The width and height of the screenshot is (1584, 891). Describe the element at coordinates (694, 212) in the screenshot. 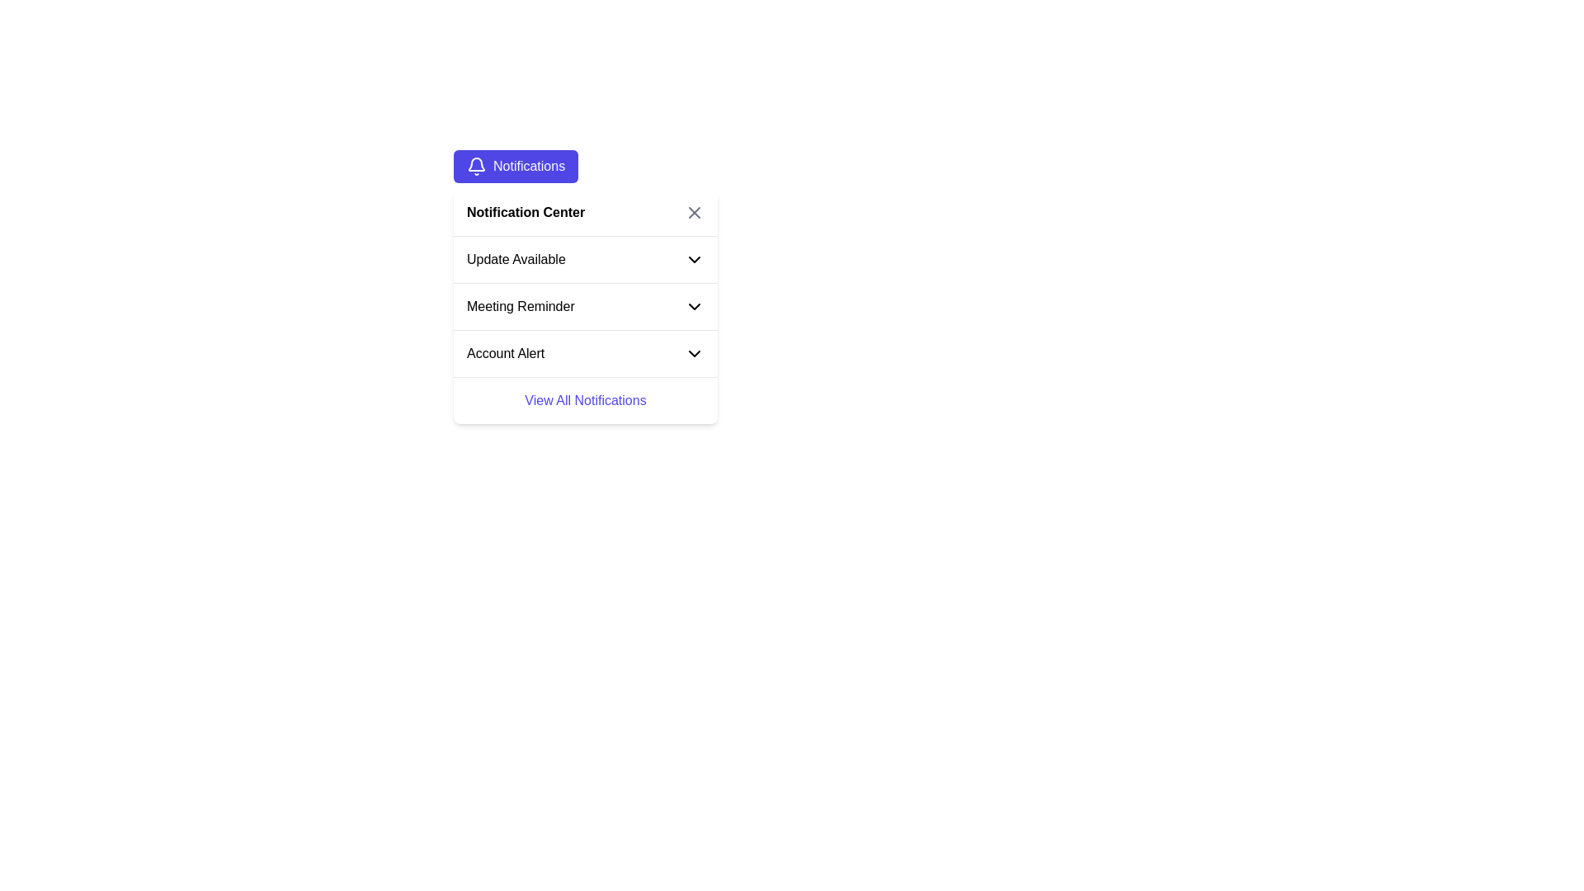

I see `the small cross-shaped icon located near the top right corner of the notification dropdown` at that location.